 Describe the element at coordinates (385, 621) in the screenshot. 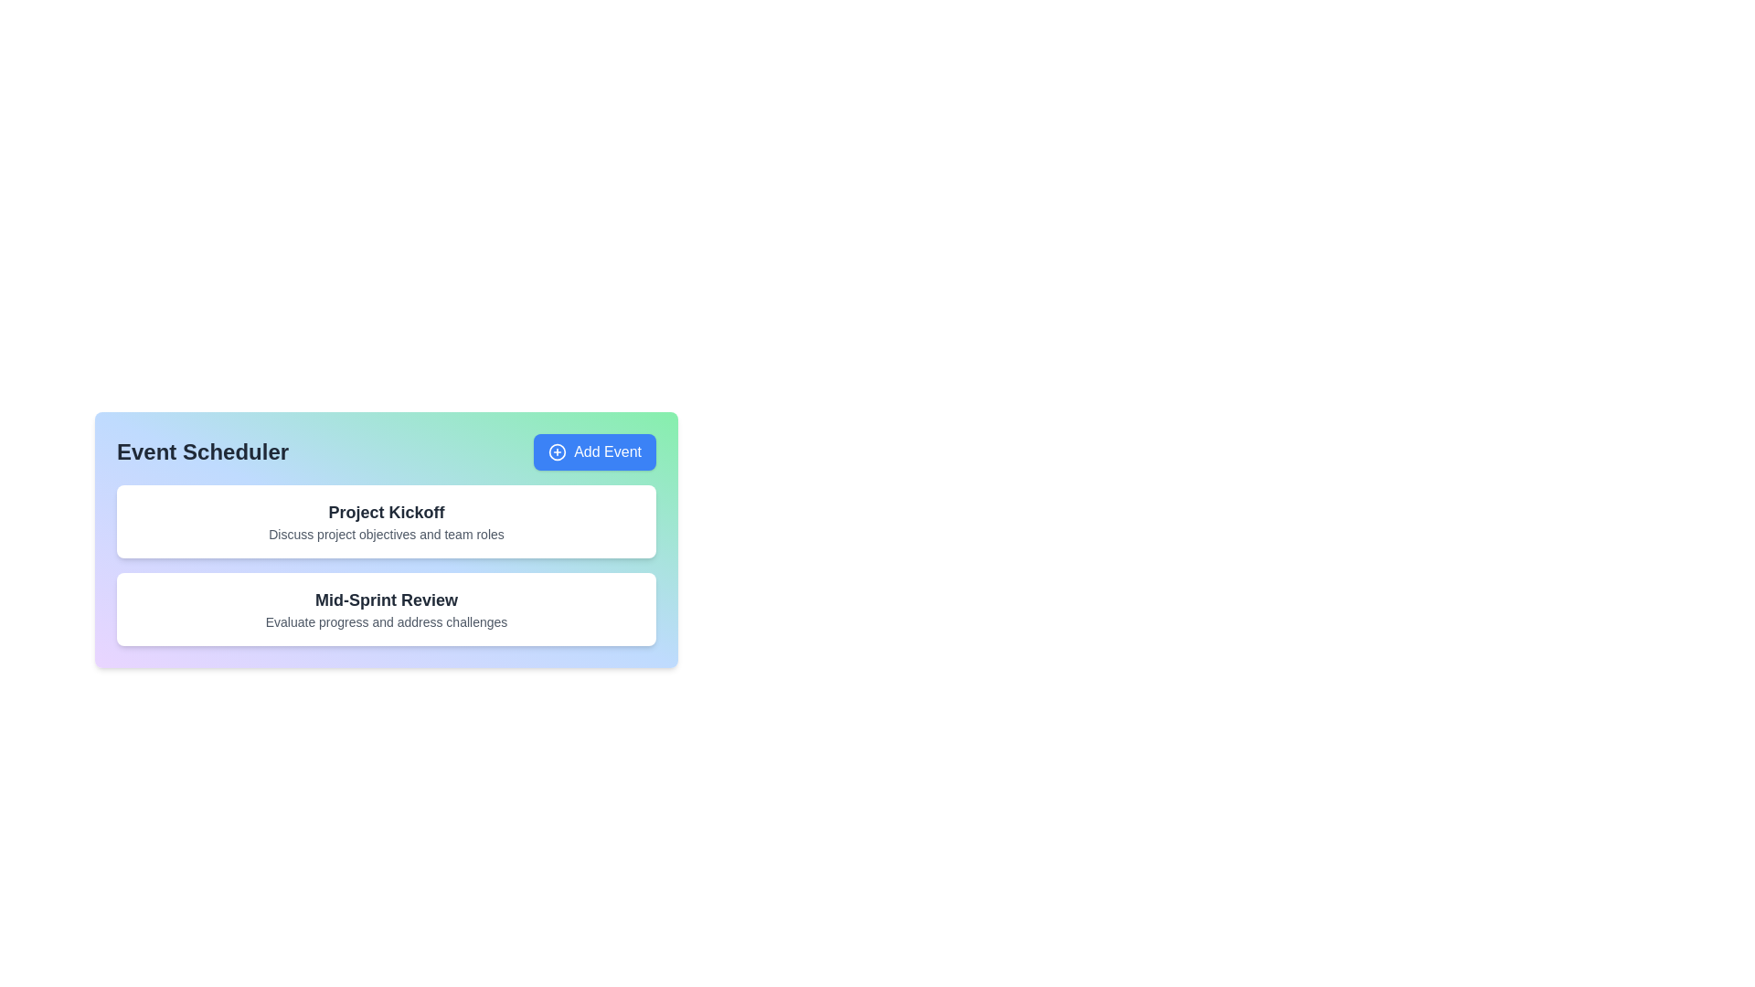

I see `the static text element that provides supplementary notes related to the 'Mid-Sprint Review' event, located below the header text within the 'Mid-Sprint Review' card in the 'Event Scheduler' section` at that location.